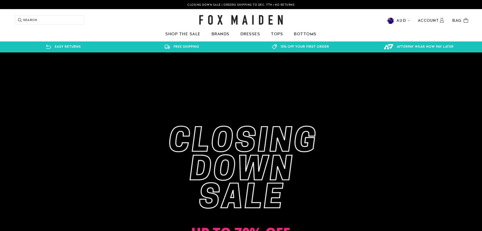  What do you see at coordinates (67, 73) in the screenshot?
I see `'Shorts'` at bounding box center [67, 73].